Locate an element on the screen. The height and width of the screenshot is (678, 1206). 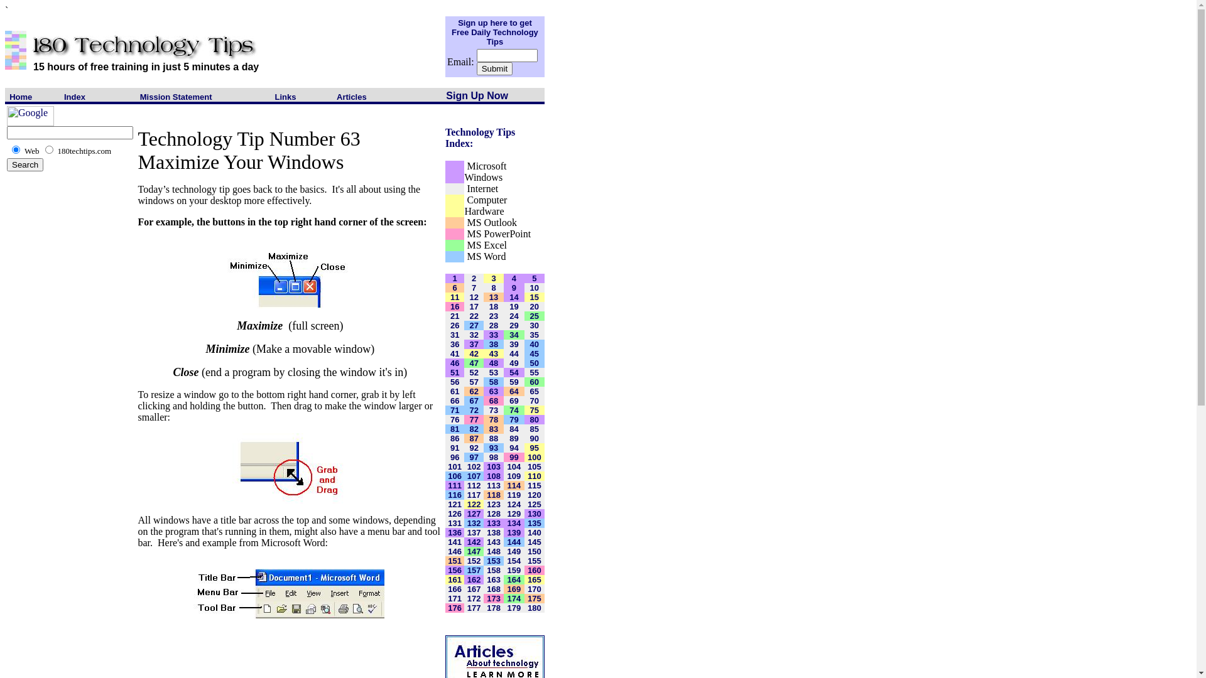
'64' is located at coordinates (513, 390).